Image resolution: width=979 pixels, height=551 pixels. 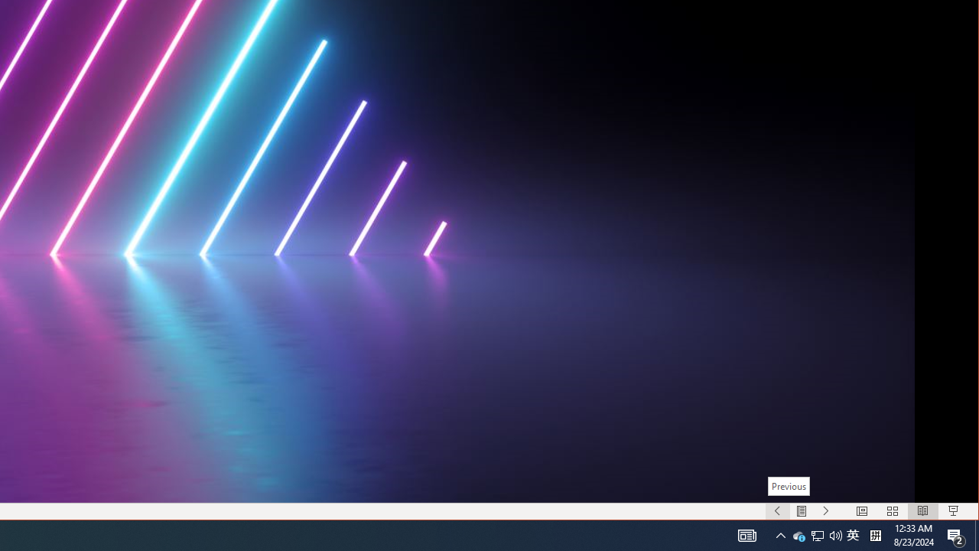 I want to click on 'Slide Show Previous On', so click(x=777, y=511).